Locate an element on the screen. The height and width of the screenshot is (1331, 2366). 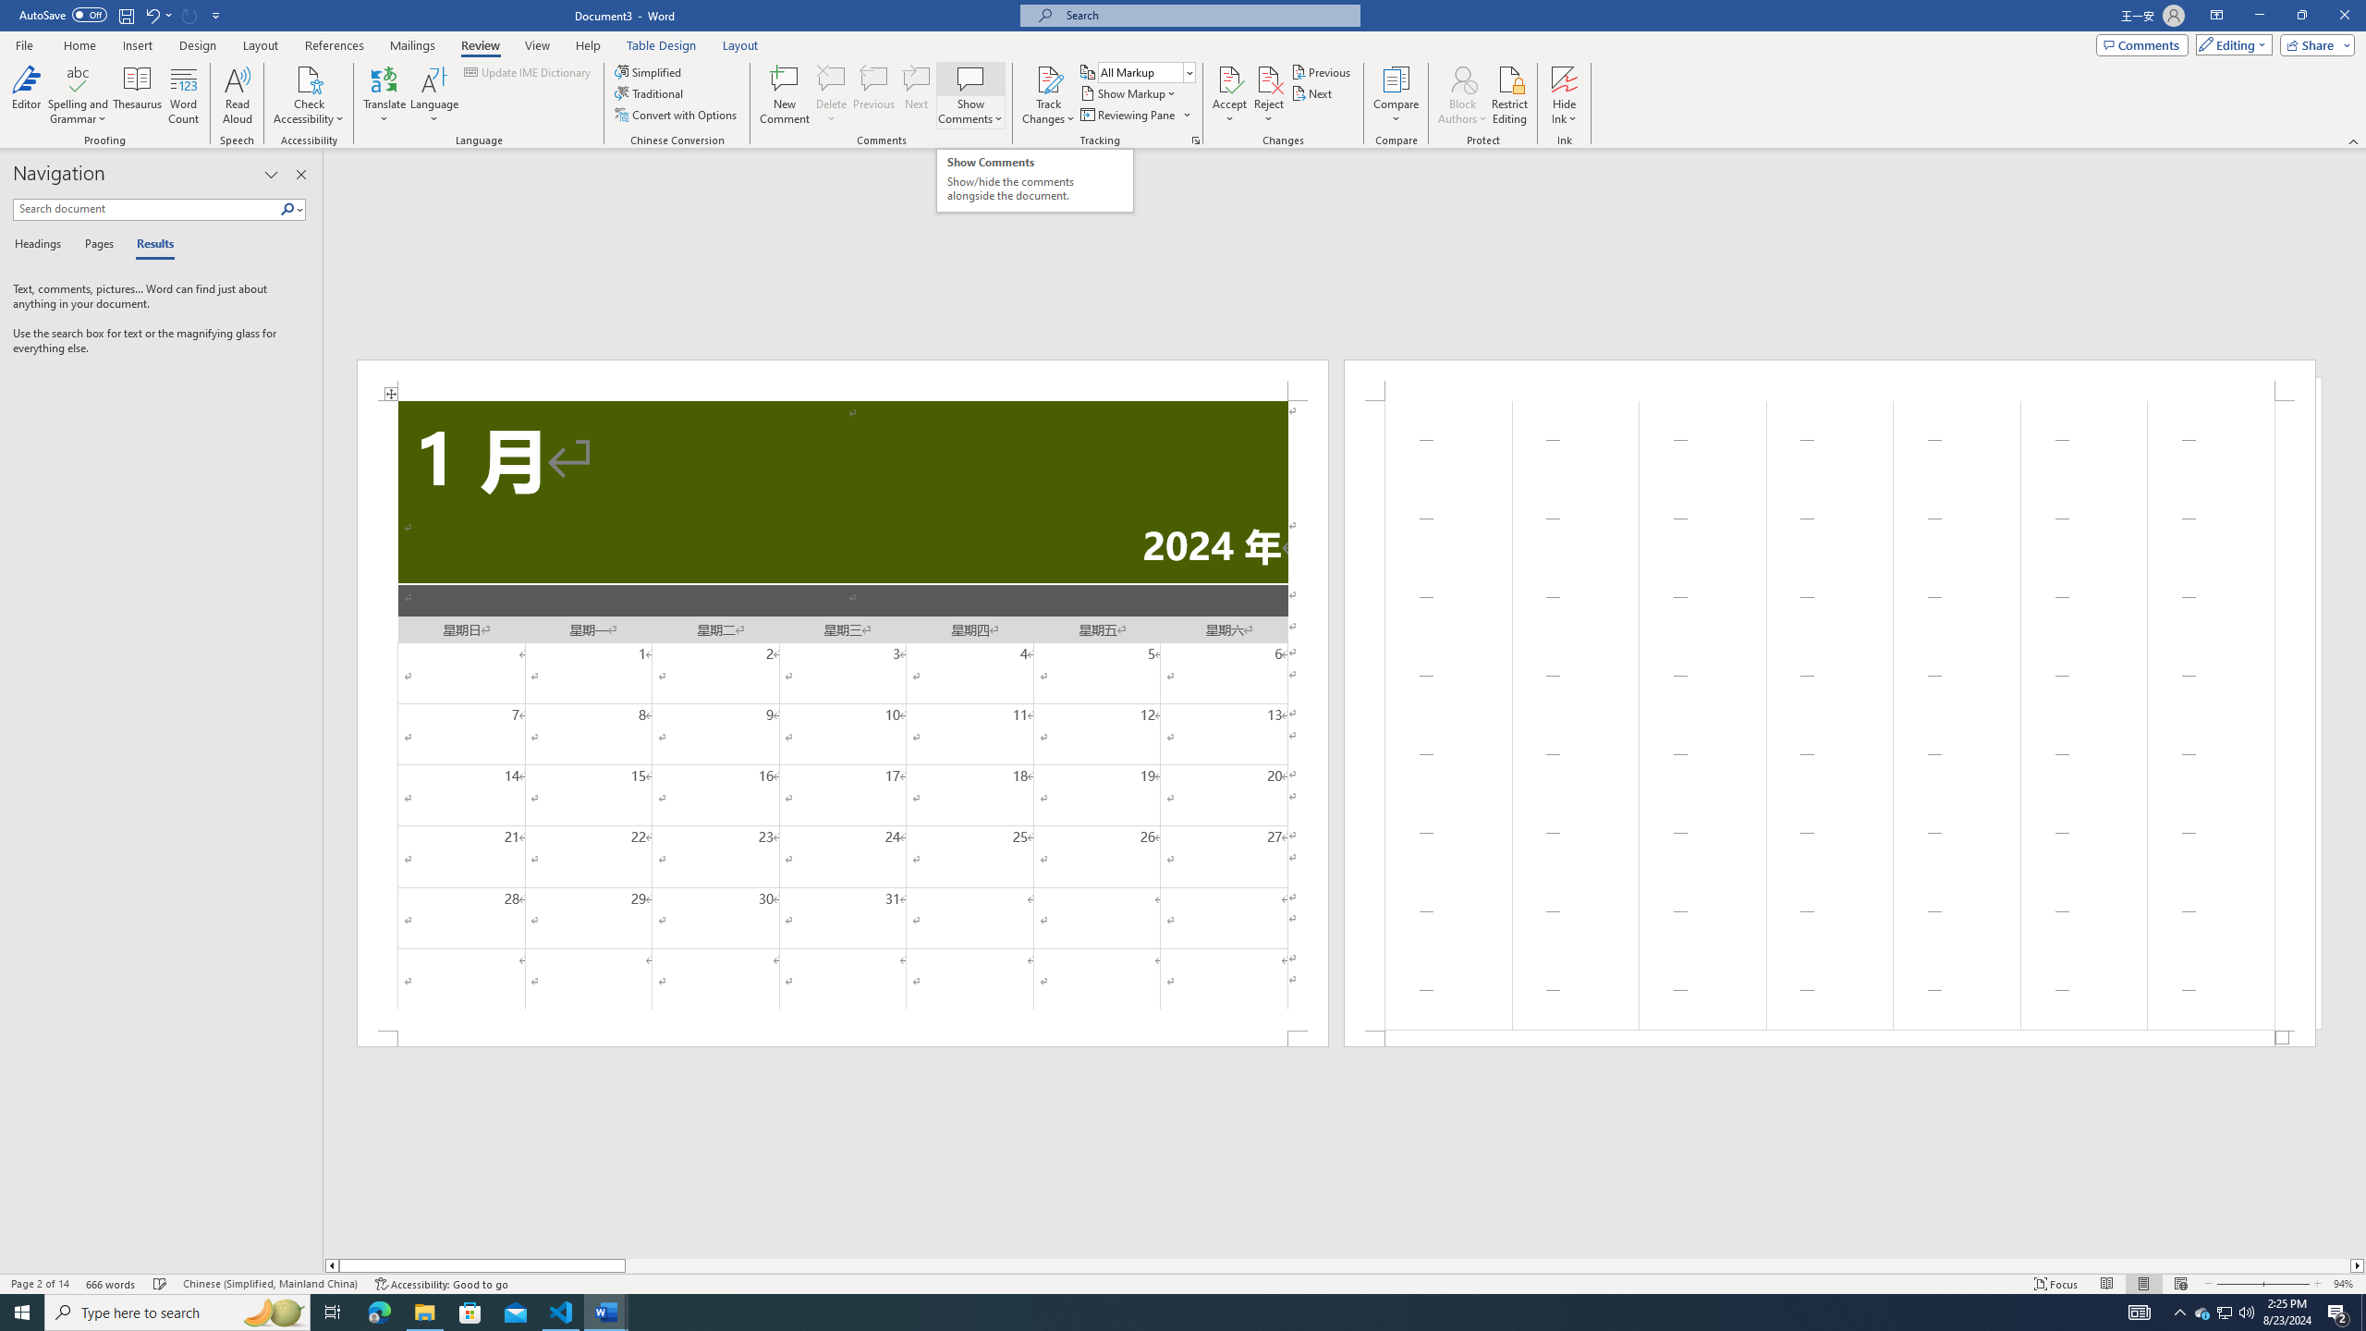
'Hide Ink' is located at coordinates (1564, 95).